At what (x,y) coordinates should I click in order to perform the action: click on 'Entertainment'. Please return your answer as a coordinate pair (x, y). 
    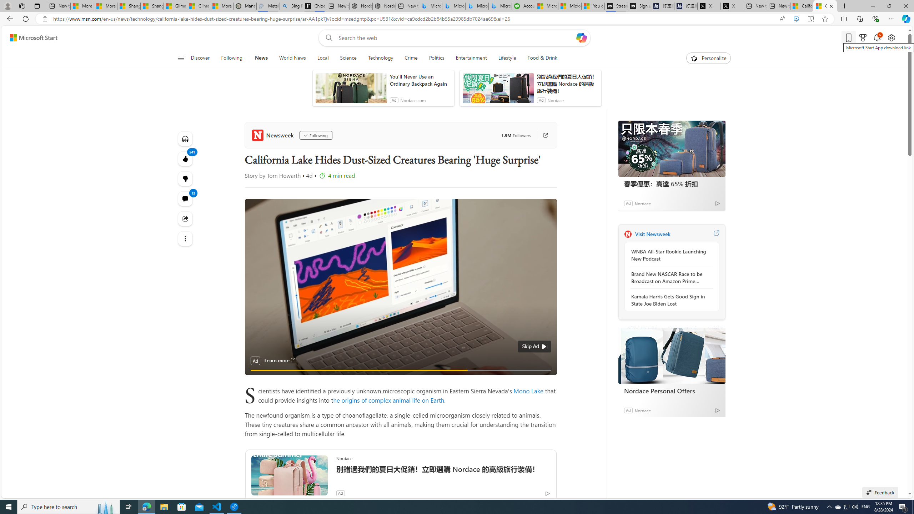
    Looking at the image, I should click on (471, 58).